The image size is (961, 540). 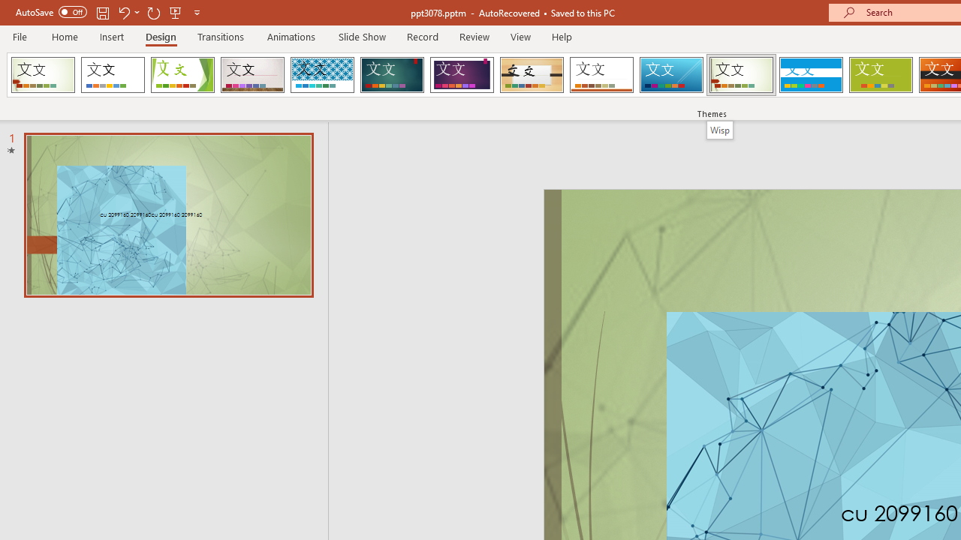 I want to click on 'Animations', so click(x=291, y=36).